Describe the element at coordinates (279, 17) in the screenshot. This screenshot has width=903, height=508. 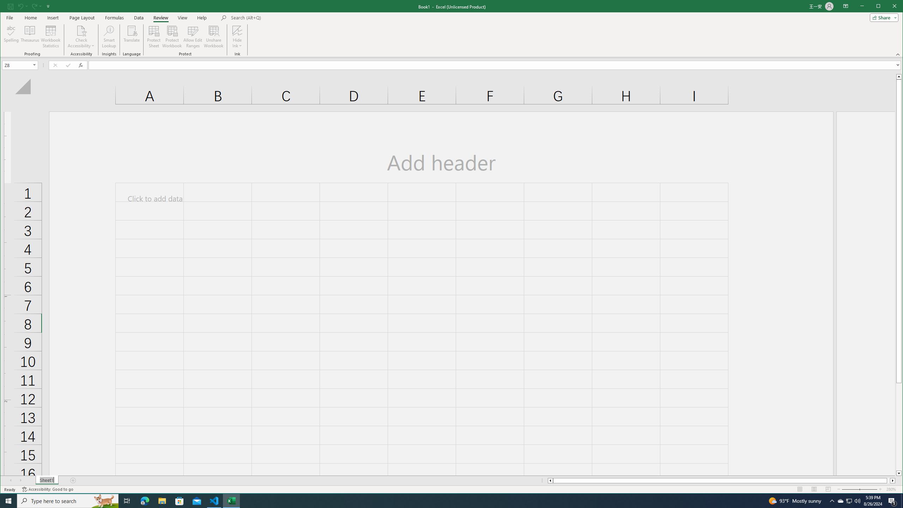
I see `'Microsoft search'` at that location.